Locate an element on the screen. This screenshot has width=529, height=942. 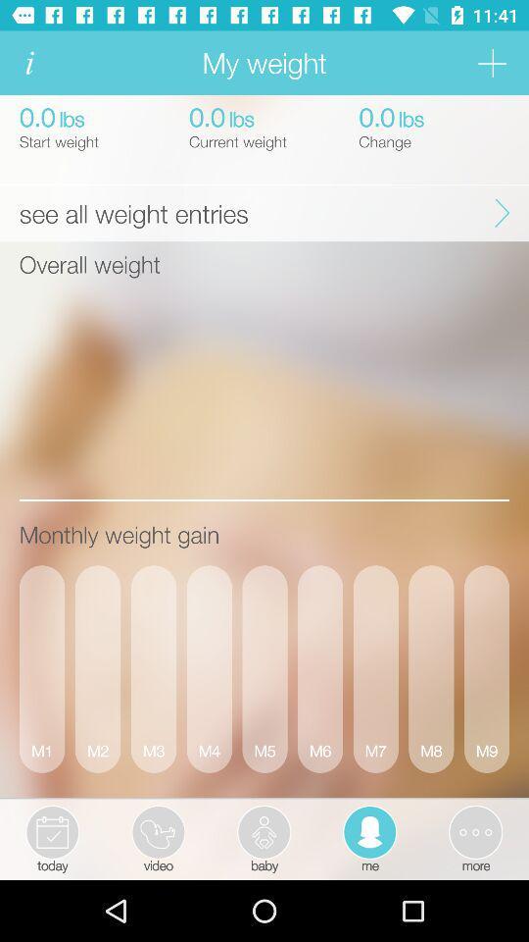
item is located at coordinates (491, 63).